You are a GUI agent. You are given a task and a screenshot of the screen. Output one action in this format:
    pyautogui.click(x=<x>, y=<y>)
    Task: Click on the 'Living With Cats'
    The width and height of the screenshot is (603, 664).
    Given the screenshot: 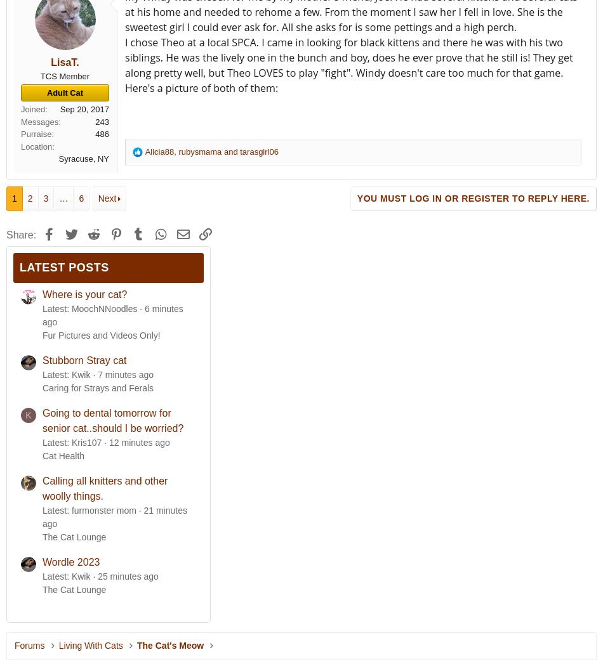 What is the action you would take?
    pyautogui.click(x=90, y=645)
    